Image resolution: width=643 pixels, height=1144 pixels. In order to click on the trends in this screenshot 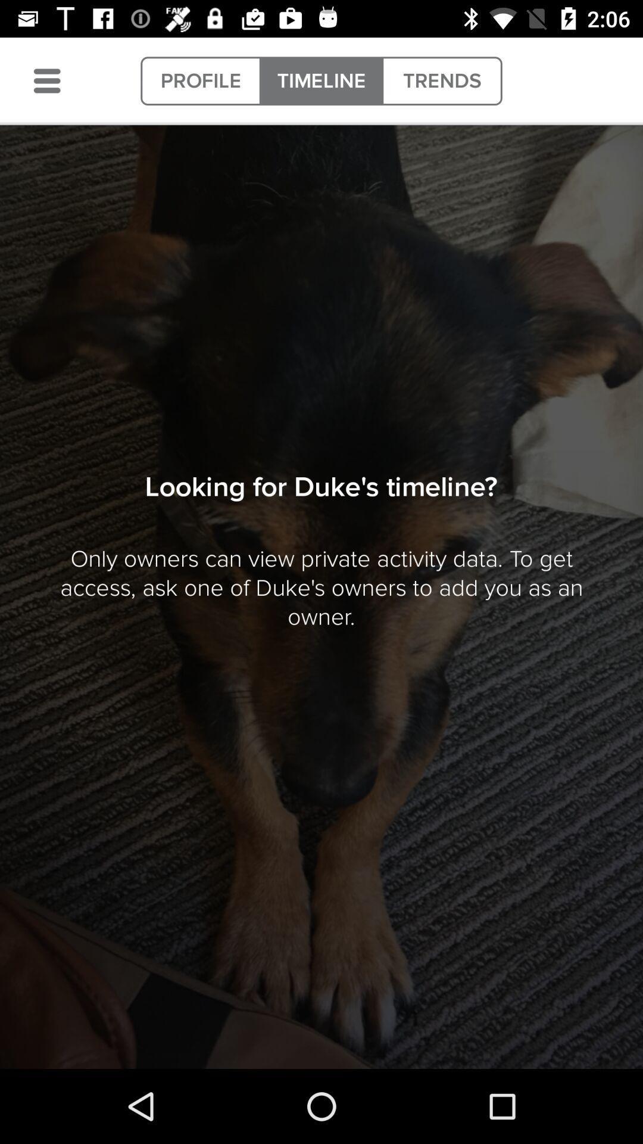, I will do `click(442, 80)`.